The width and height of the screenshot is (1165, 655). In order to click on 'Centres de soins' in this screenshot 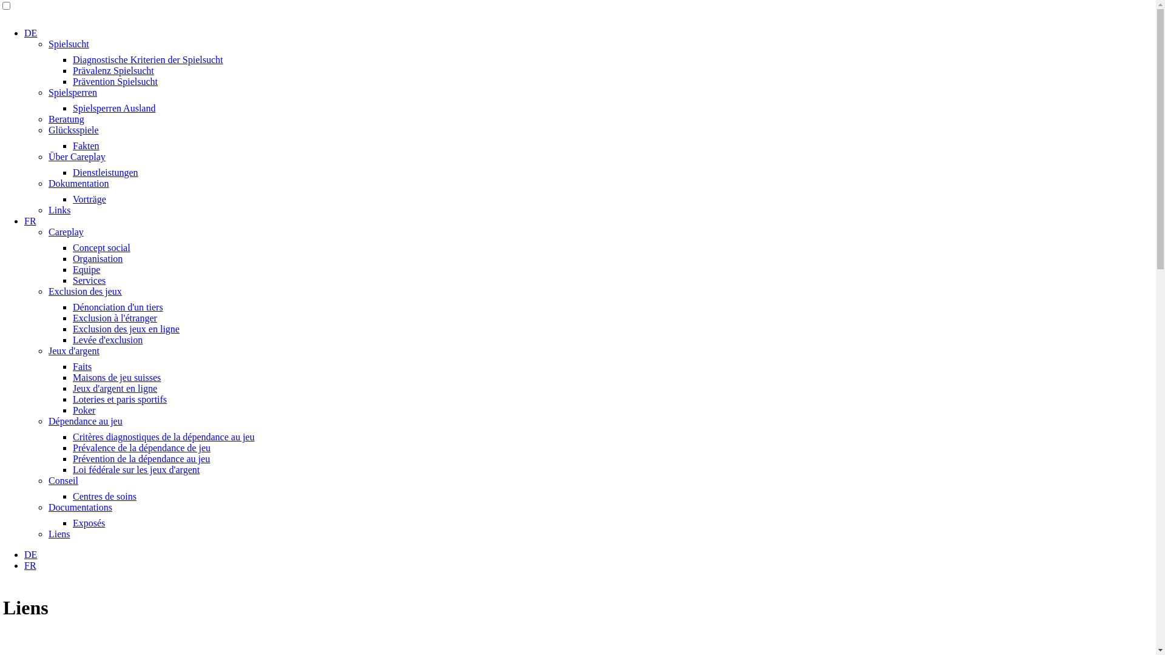, I will do `click(72, 496)`.